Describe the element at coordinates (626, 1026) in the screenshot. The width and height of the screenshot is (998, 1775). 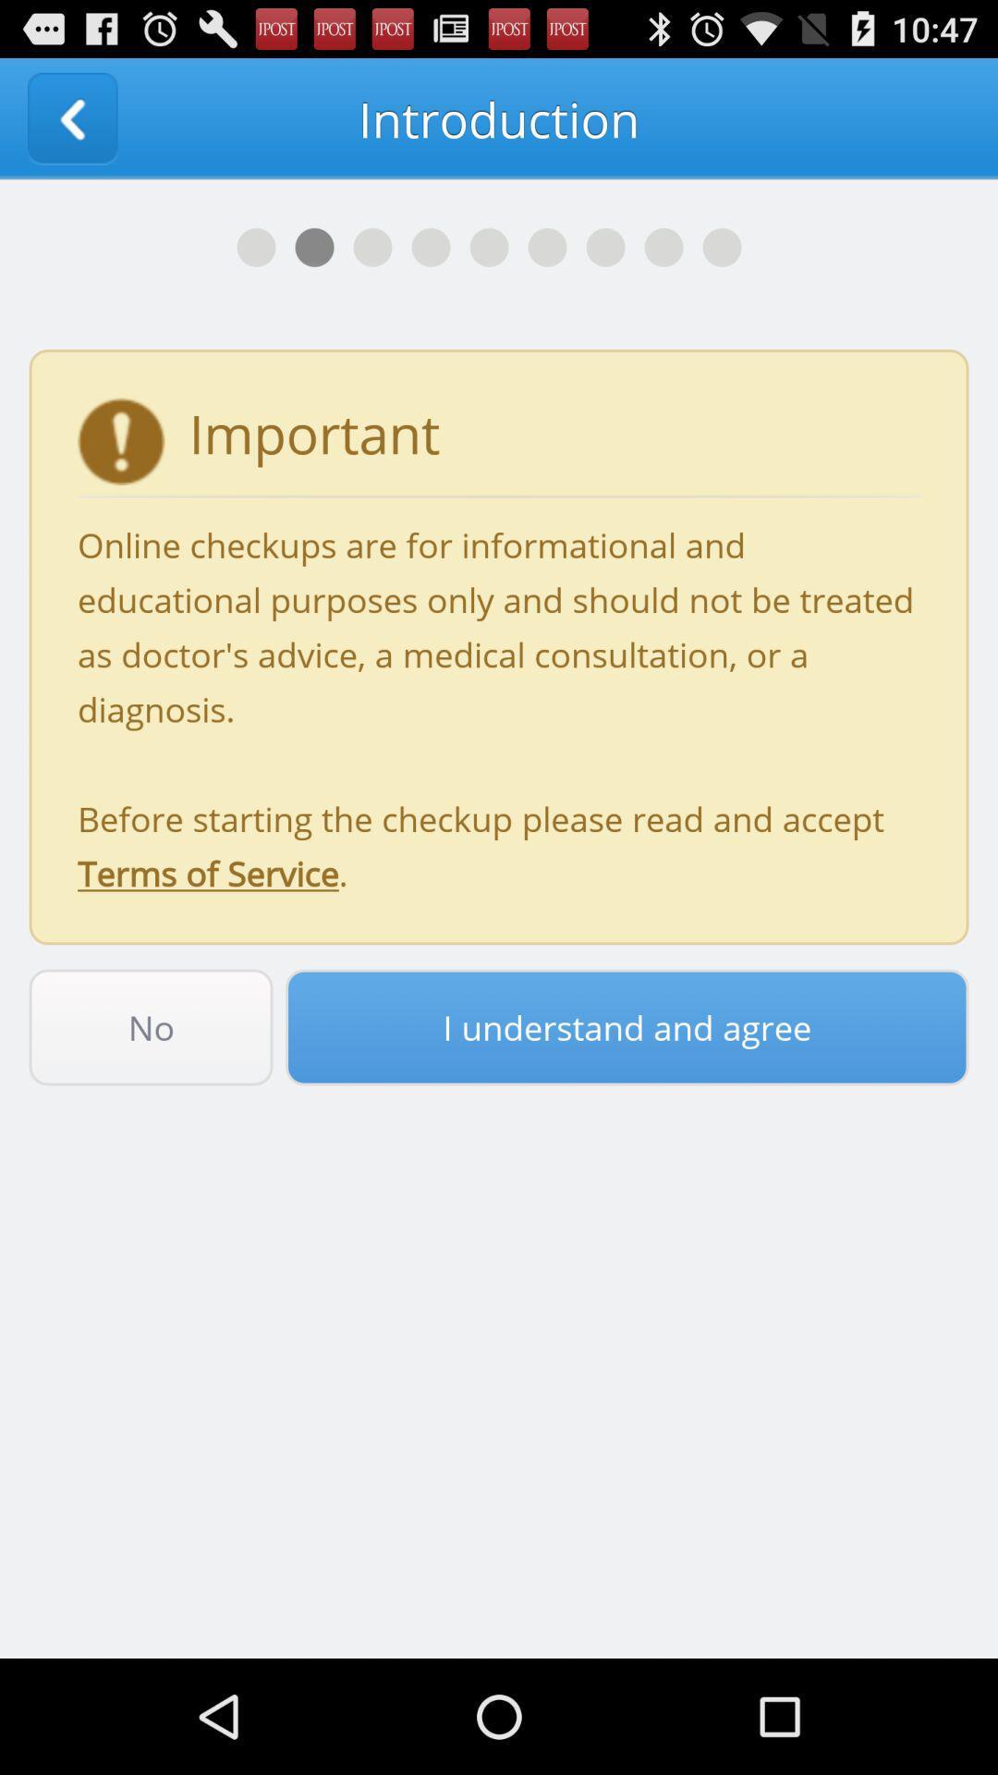
I see `the icon below online checkups are item` at that location.